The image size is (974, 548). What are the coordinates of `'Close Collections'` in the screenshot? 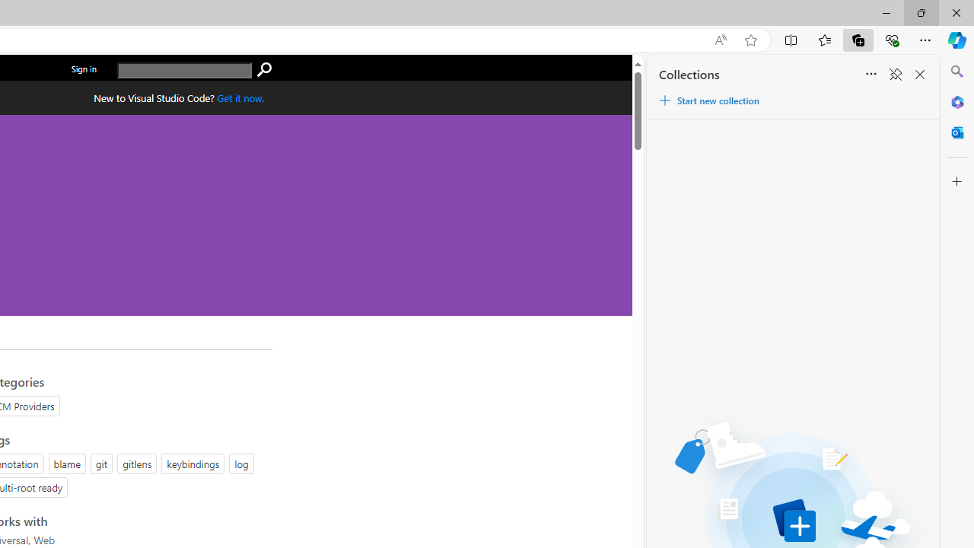 It's located at (918, 75).